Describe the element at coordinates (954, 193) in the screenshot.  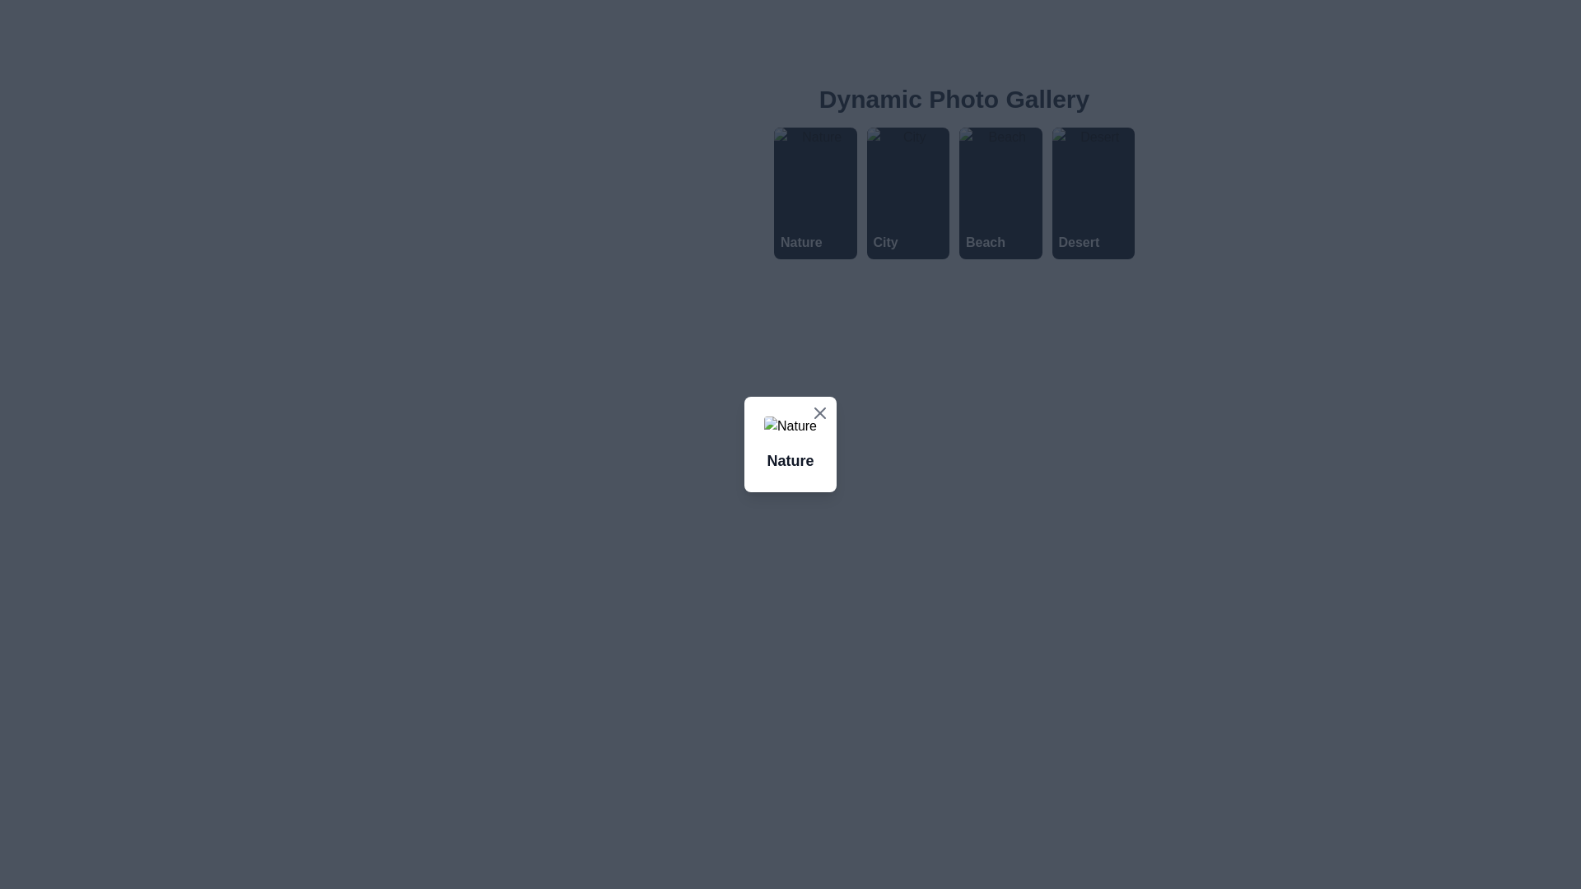
I see `the 'Beach' category details` at that location.